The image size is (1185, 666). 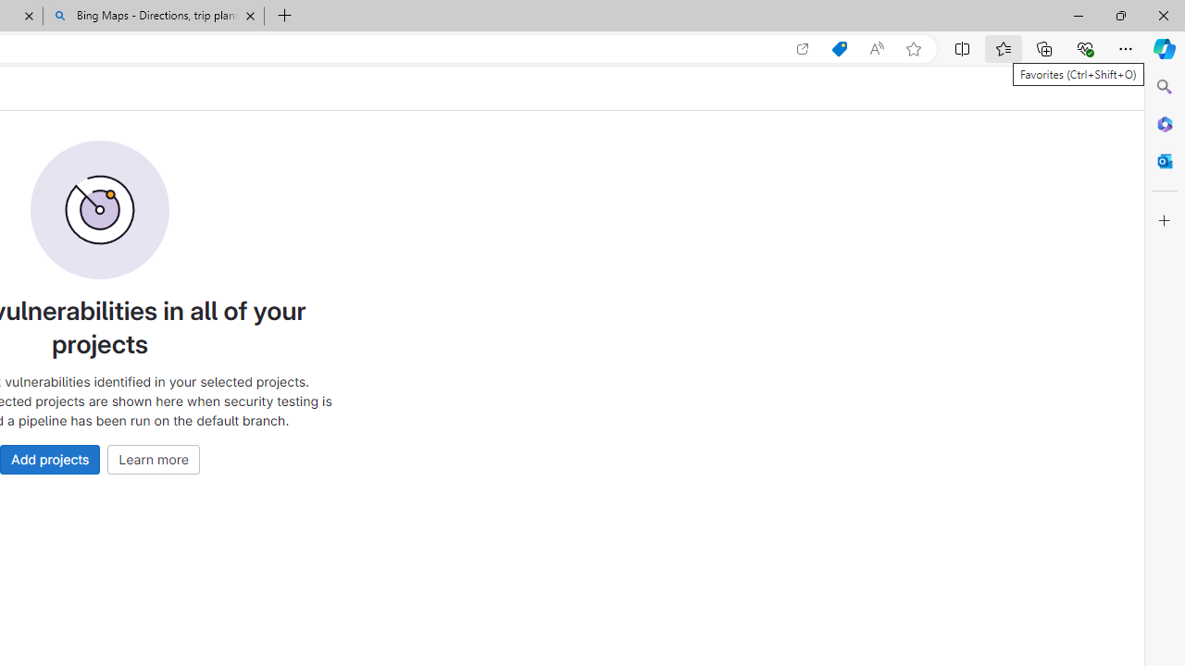 I want to click on 'Open in app', so click(x=803, y=48).